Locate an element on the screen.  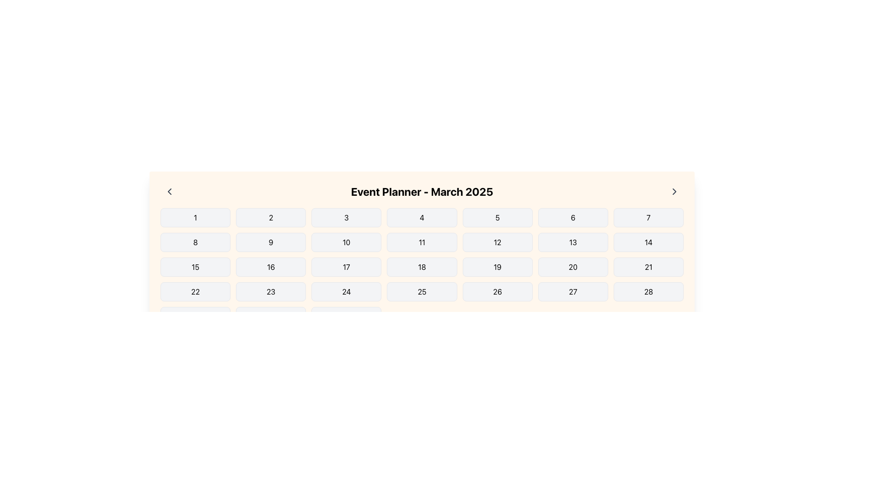
the button representing the 22nd day of the month in the calendar grid is located at coordinates (195, 291).